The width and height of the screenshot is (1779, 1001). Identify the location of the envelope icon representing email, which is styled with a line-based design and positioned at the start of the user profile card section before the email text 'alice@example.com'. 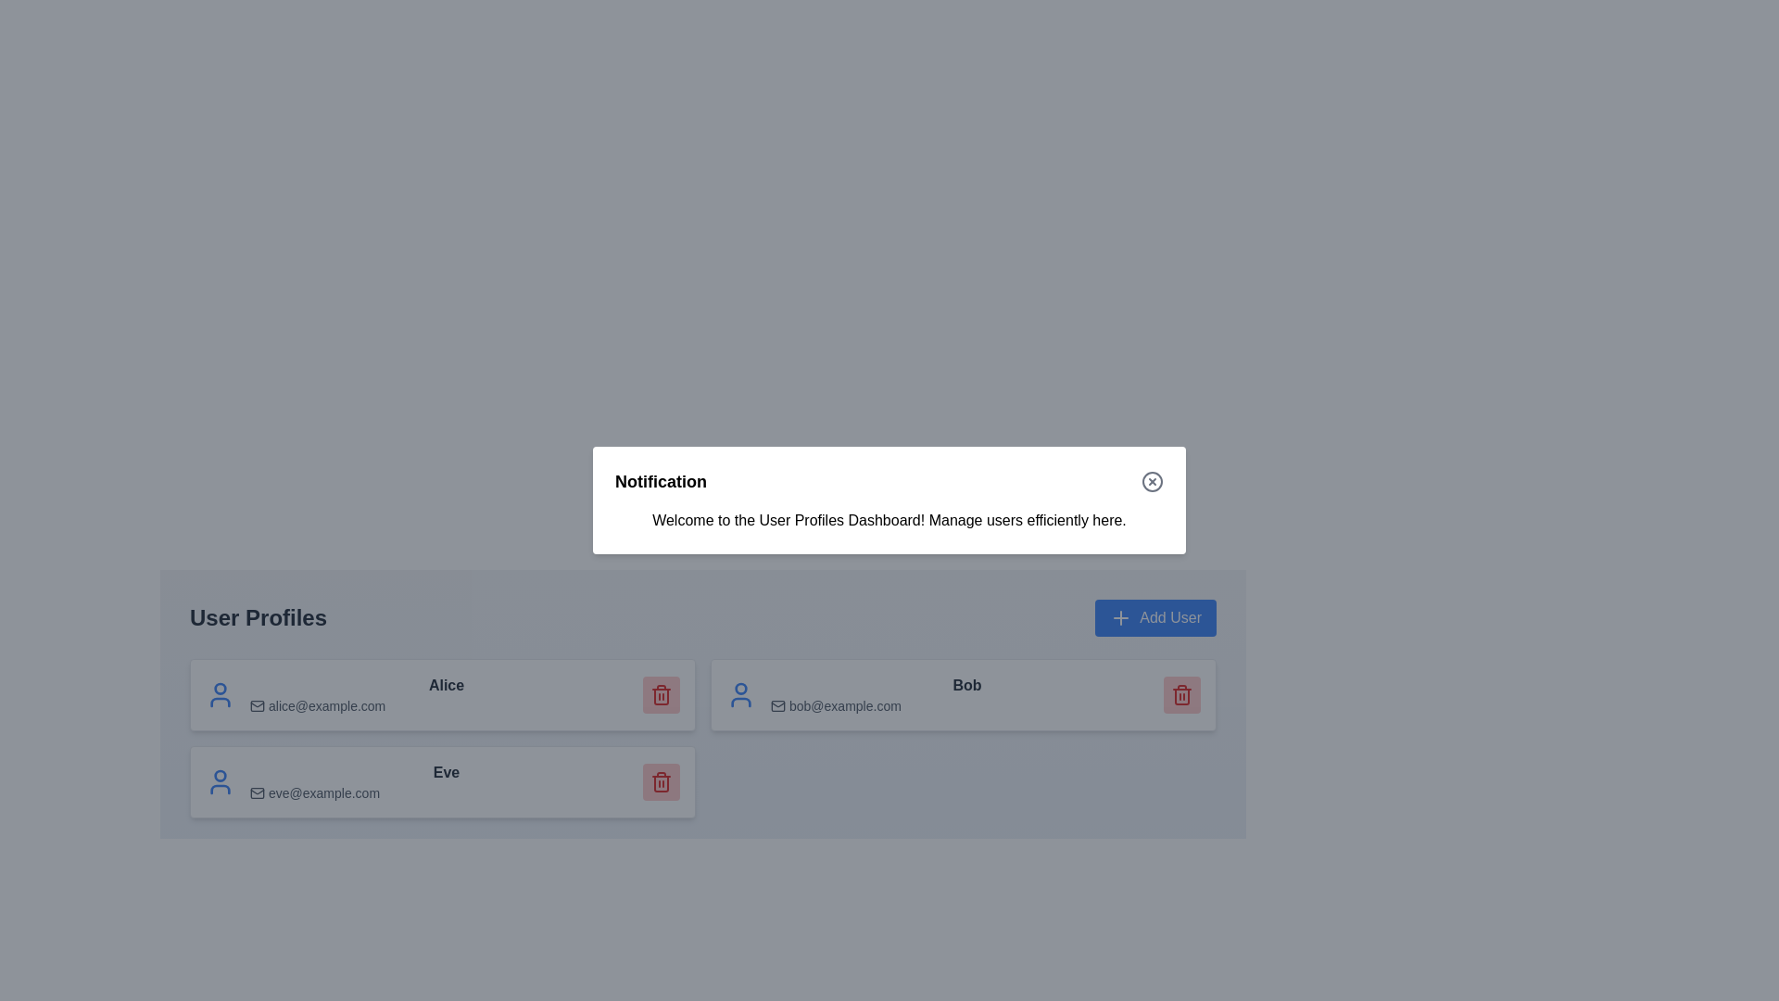
(257, 706).